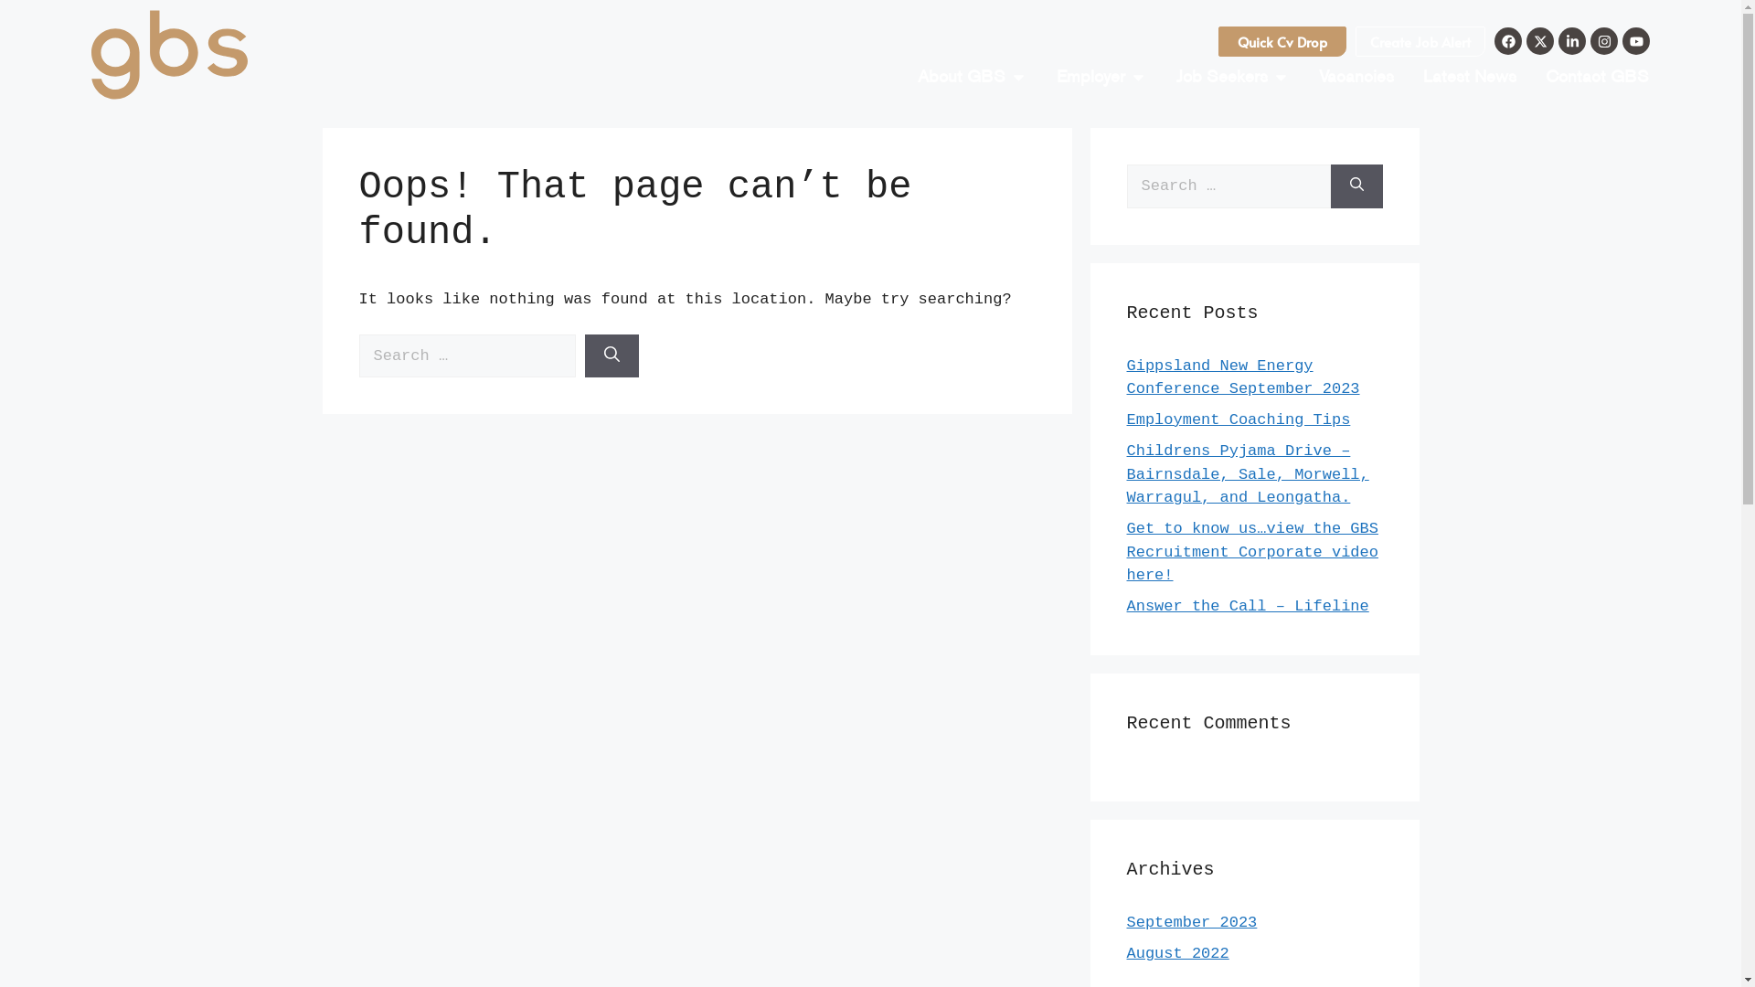  I want to click on 'Latest News', so click(1470, 76).